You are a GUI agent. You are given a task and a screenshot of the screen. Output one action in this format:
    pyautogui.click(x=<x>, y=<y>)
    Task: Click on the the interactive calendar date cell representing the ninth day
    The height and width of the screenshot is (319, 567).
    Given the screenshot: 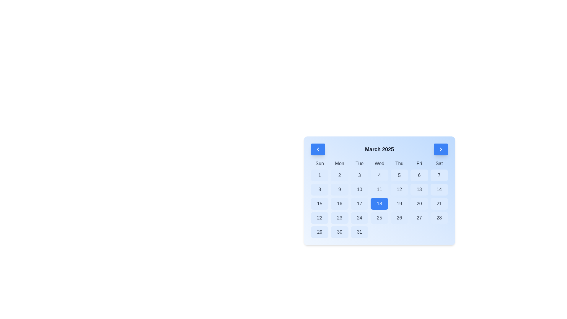 What is the action you would take?
    pyautogui.click(x=340, y=189)
    